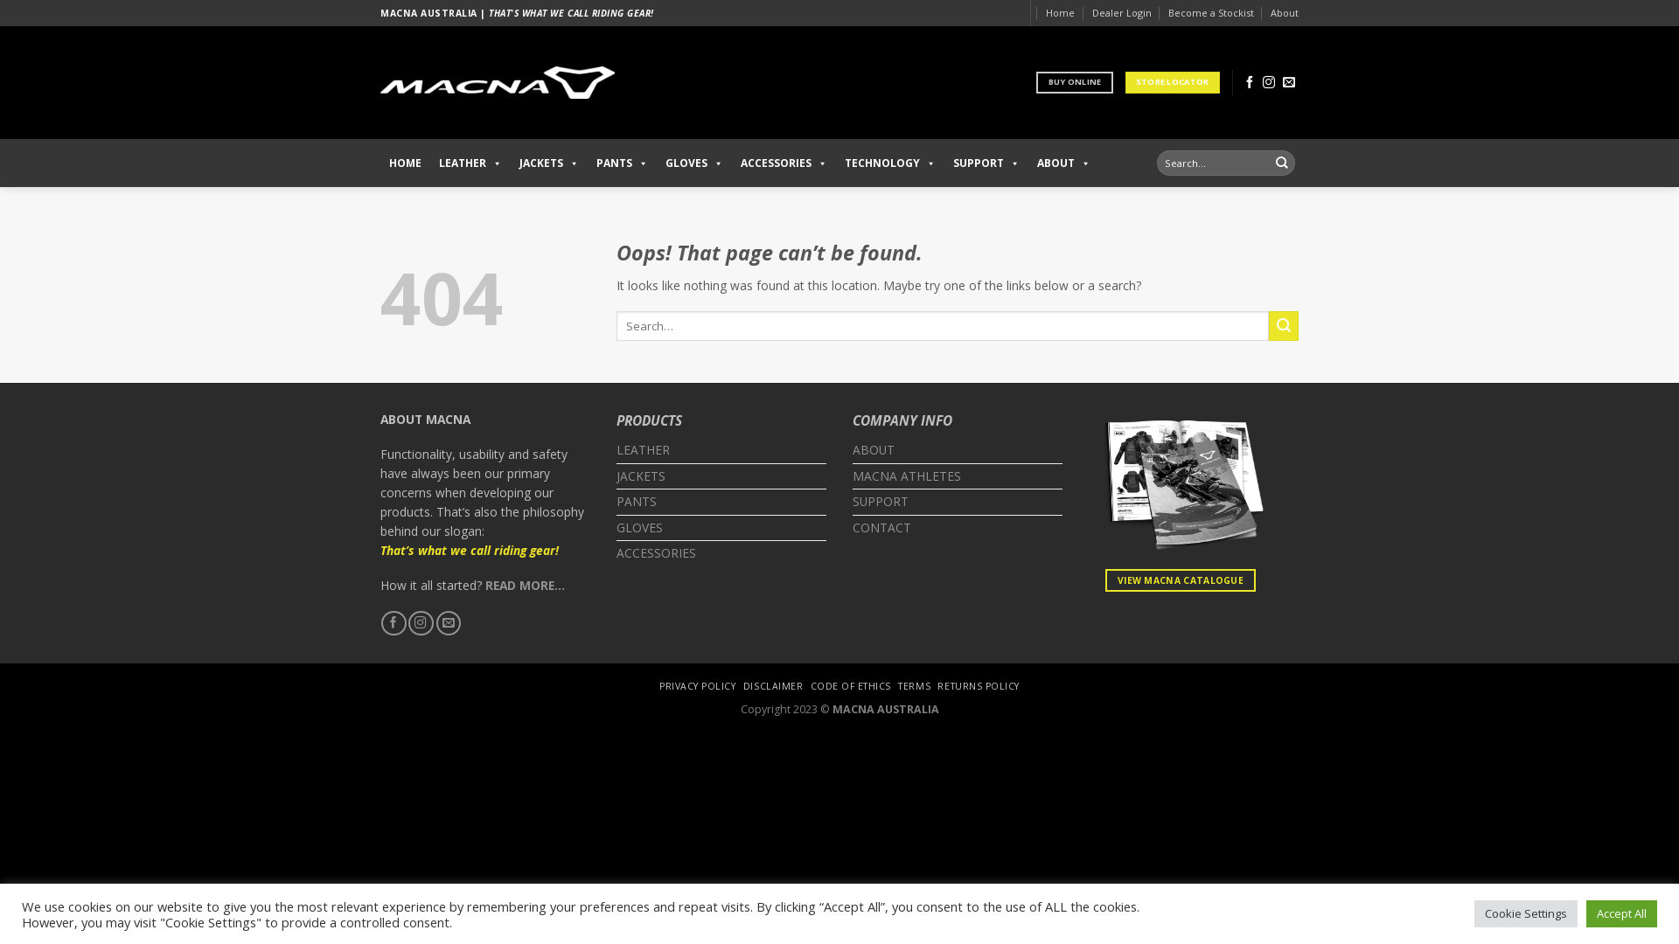 Image resolution: width=1679 pixels, height=944 pixels. What do you see at coordinates (1181, 580) in the screenshot?
I see `'VIEW MACNA CATALOGUE'` at bounding box center [1181, 580].